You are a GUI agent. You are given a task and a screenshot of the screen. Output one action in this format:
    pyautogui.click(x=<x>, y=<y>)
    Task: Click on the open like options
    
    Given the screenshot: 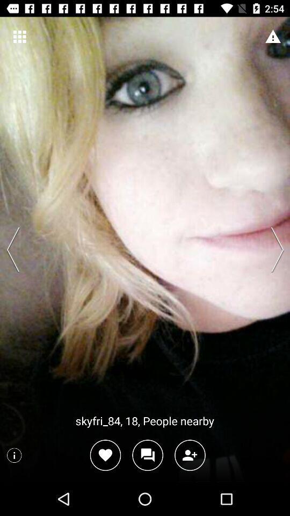 What is the action you would take?
    pyautogui.click(x=105, y=455)
    